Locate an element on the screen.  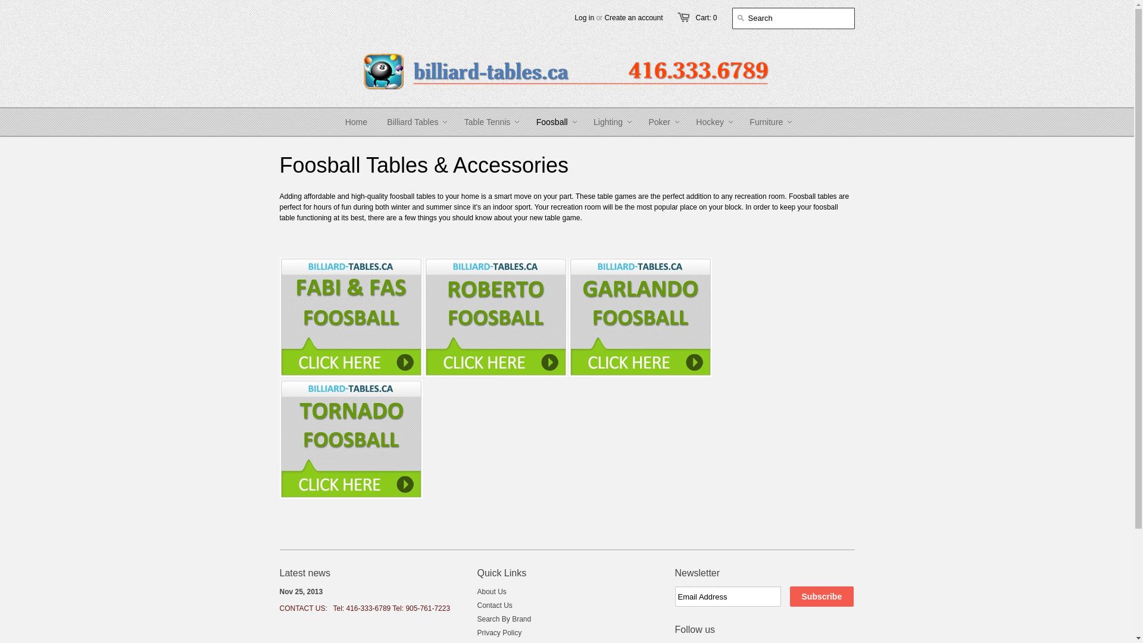
'Billiard Tables' is located at coordinates (412, 121).